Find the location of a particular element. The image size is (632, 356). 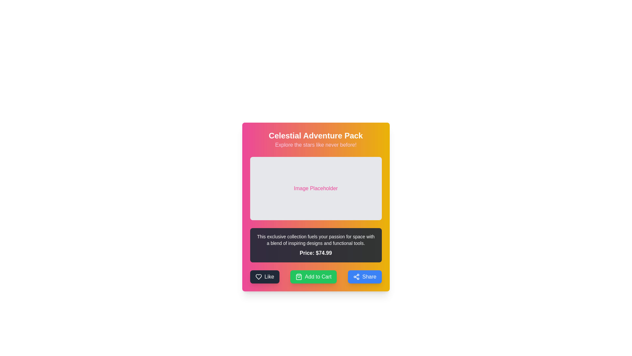

the 'like' icon located is located at coordinates (258, 277).